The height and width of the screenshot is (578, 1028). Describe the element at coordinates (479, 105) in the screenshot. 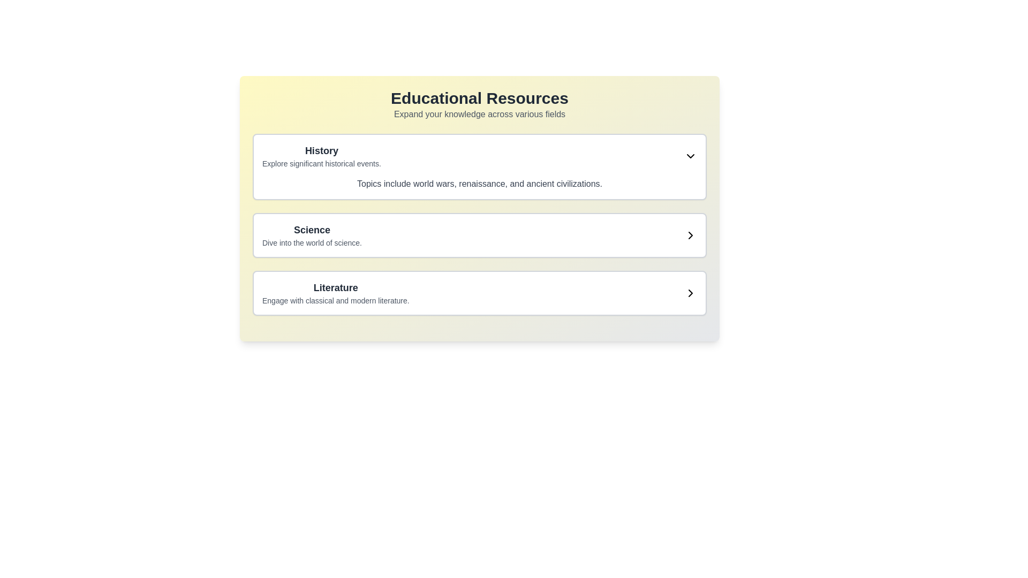

I see `the Header with subtitle (Text block) that contains the bolded text 'Educational Resources' and the subtitle 'Expand your knowledge across various fields'` at that location.